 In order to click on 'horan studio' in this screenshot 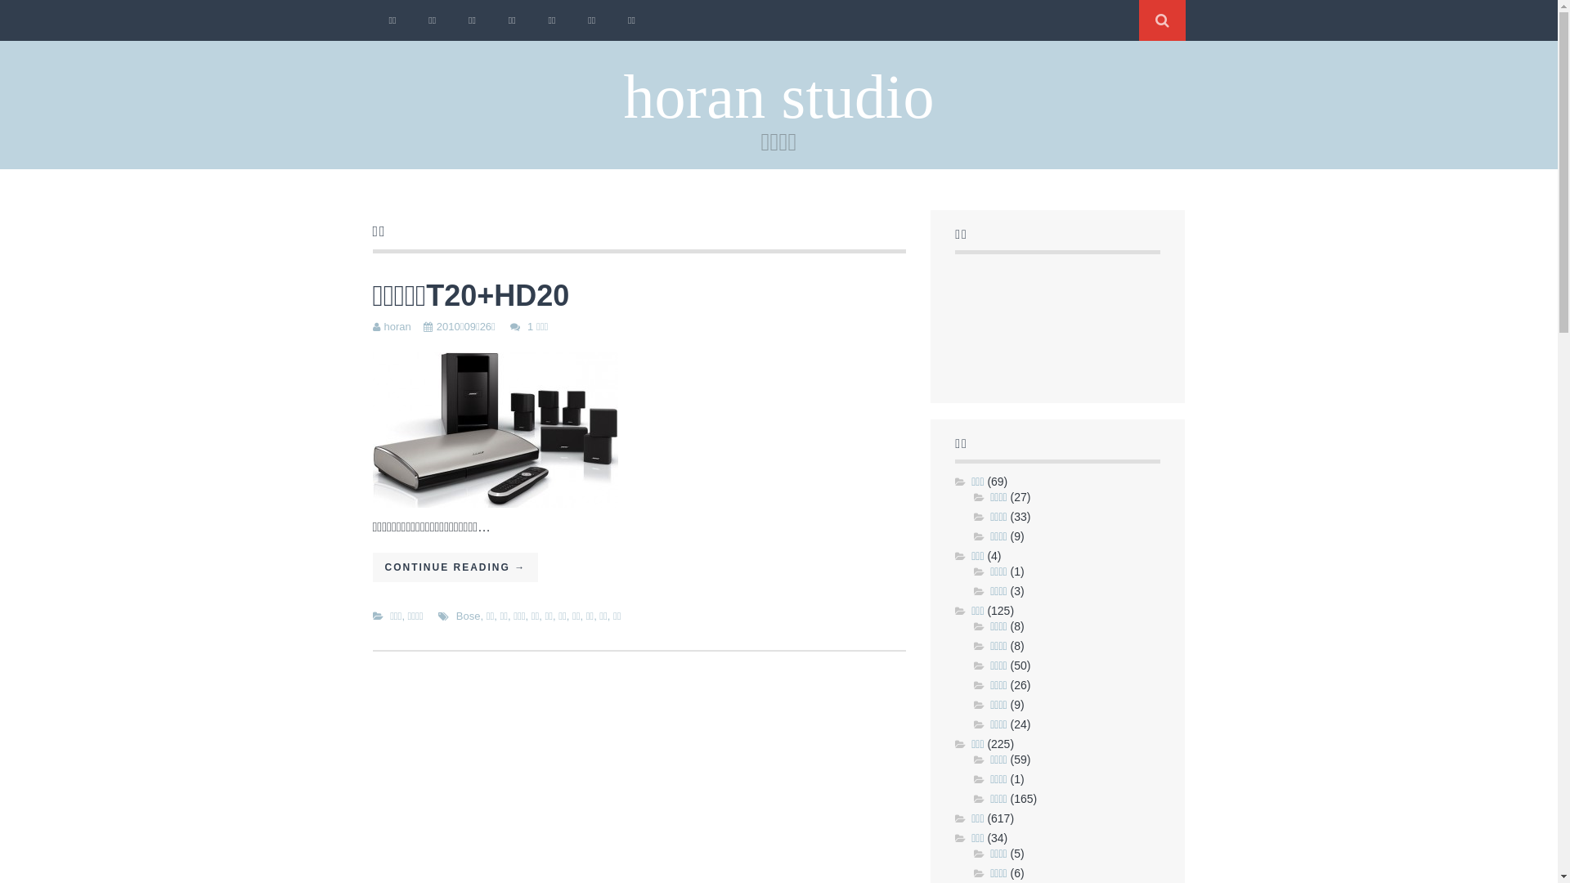, I will do `click(777, 96)`.